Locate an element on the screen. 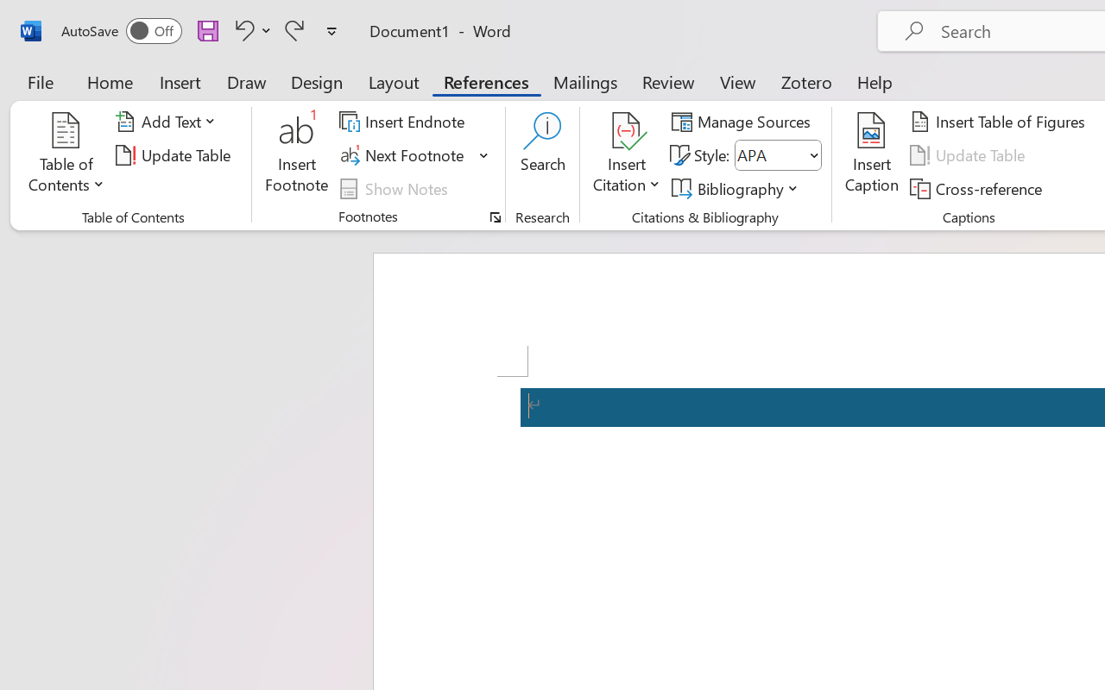  'Redo Apply Quick Style' is located at coordinates (294, 29).